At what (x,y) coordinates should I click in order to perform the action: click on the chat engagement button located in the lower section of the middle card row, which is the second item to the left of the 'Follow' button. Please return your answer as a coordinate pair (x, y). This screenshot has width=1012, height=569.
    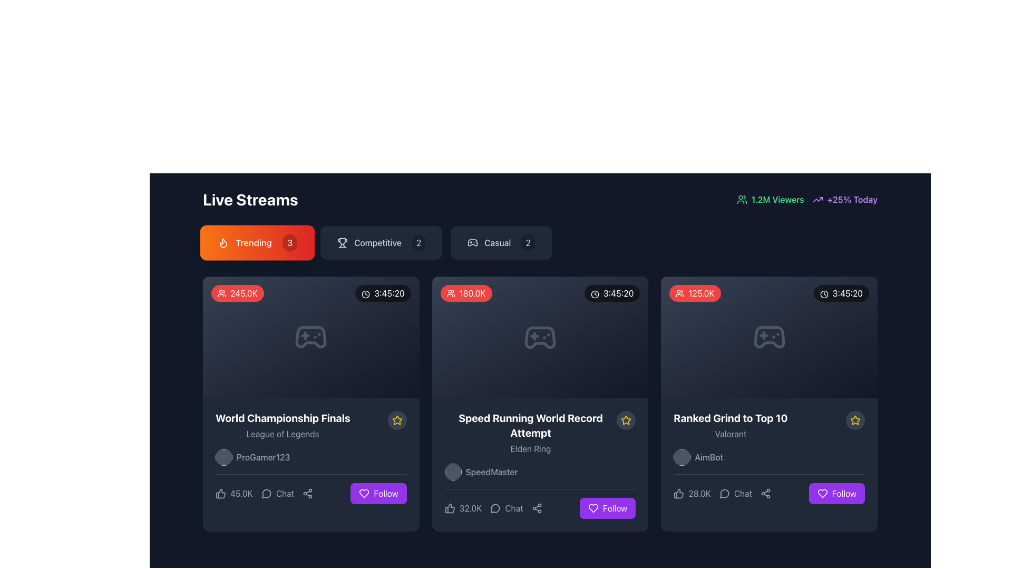
    Looking at the image, I should click on (493, 507).